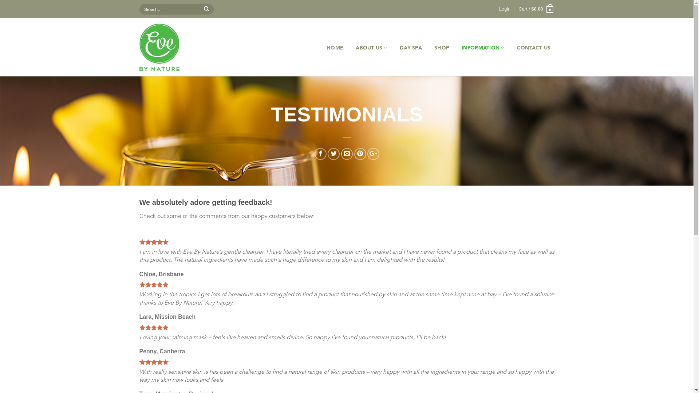 Image resolution: width=699 pixels, height=393 pixels. What do you see at coordinates (536, 9) in the screenshot?
I see `'Cart / $0.00` at bounding box center [536, 9].